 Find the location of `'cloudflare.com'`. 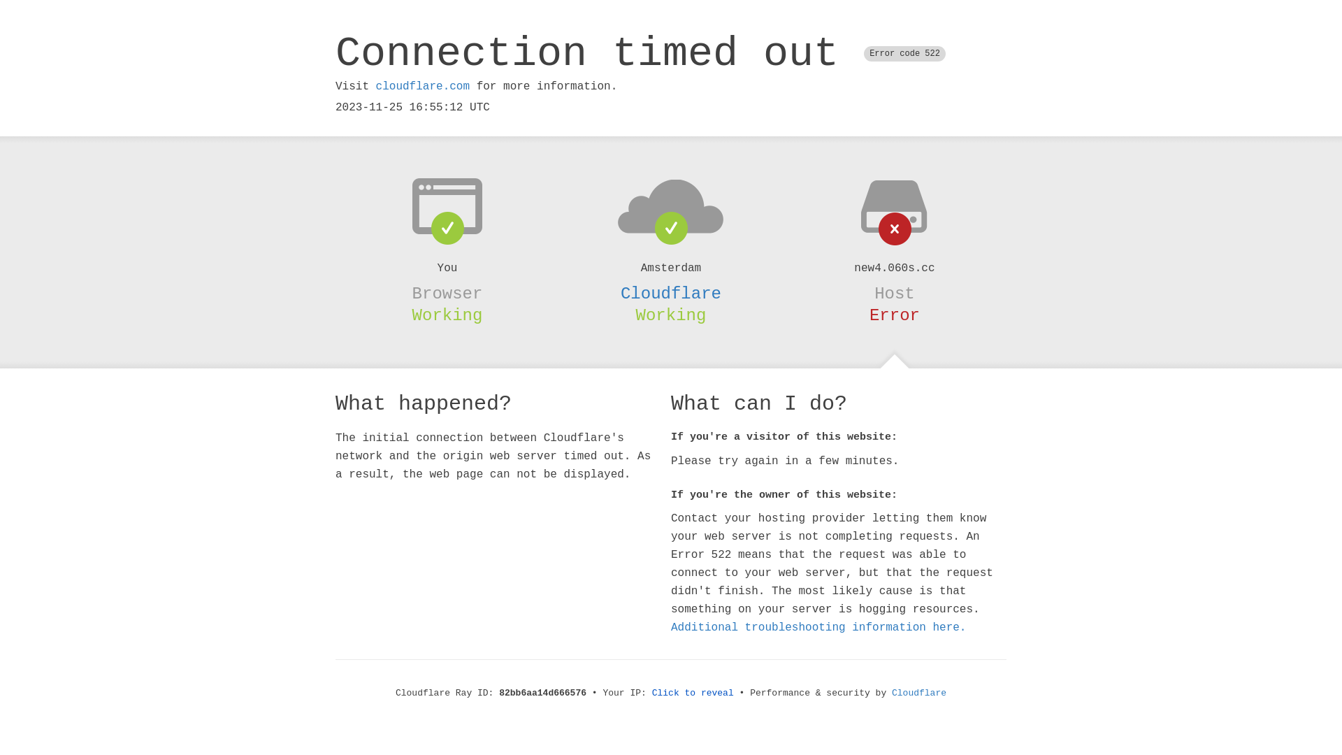

'cloudflare.com' is located at coordinates (375, 86).